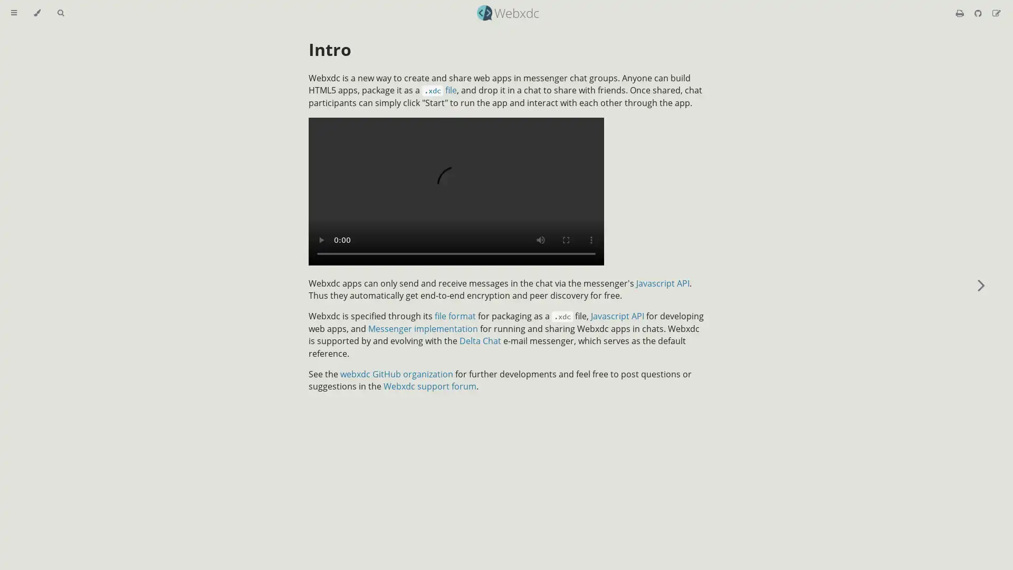 The width and height of the screenshot is (1013, 570). What do you see at coordinates (321, 240) in the screenshot?
I see `play` at bounding box center [321, 240].